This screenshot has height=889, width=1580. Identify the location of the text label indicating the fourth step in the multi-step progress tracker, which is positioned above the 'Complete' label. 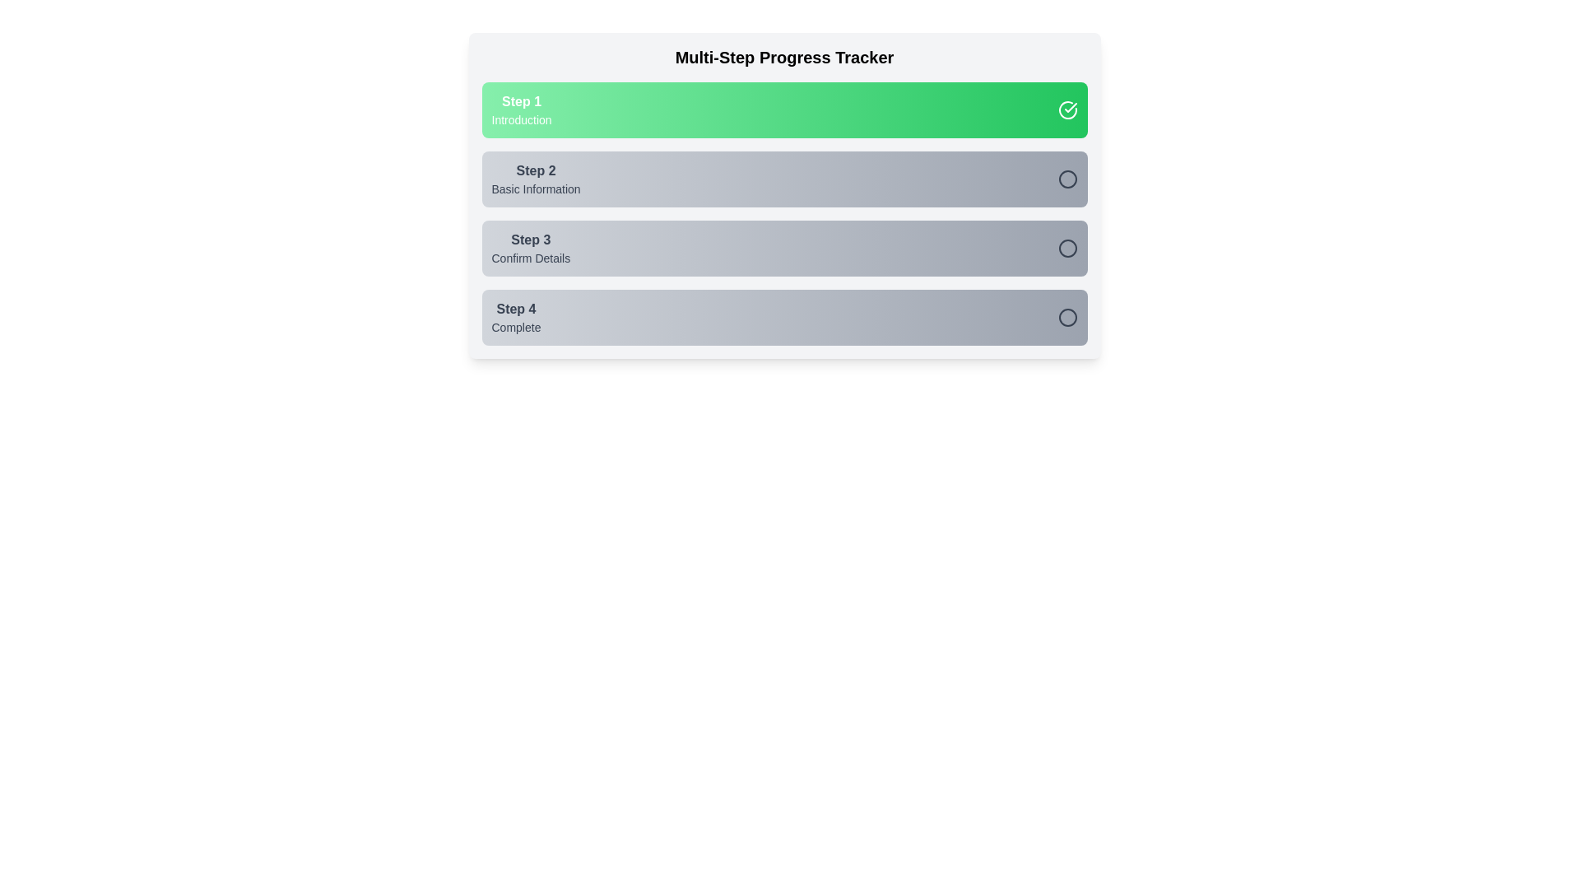
(515, 309).